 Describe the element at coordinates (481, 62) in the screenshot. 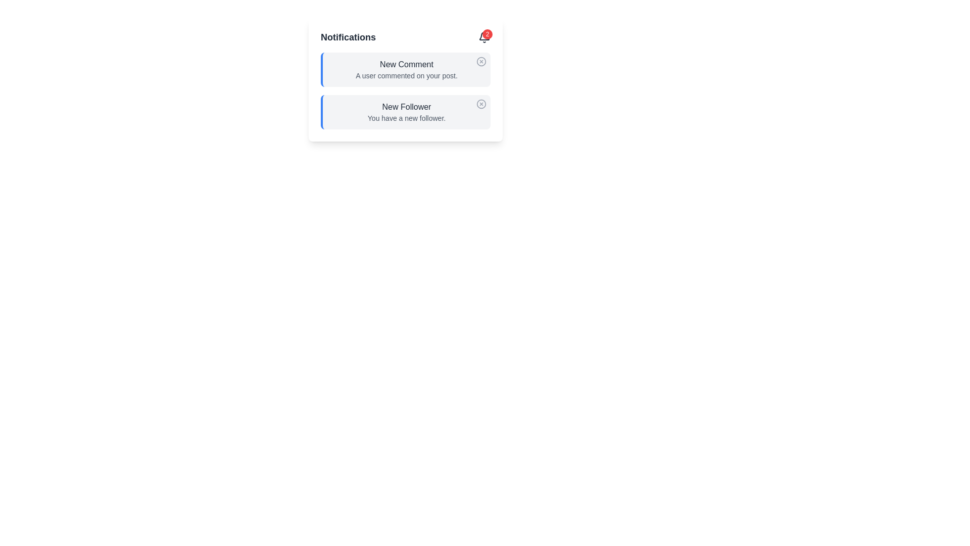

I see `the circular 'X' button with a gray outline located at the top-right corner of the notification box to change its appearance` at that location.